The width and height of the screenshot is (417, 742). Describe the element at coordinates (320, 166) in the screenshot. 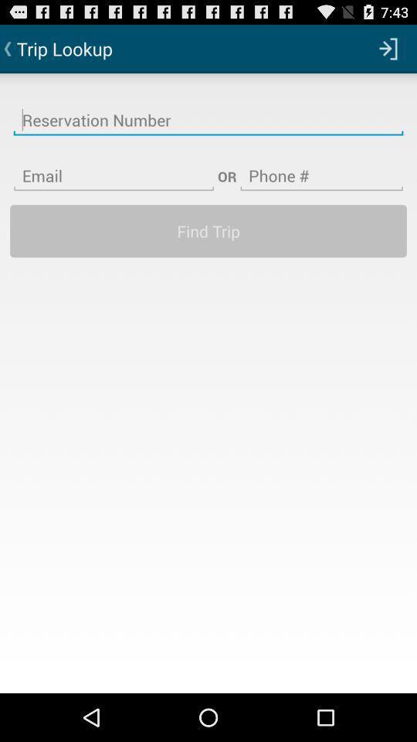

I see `icon next to or icon` at that location.